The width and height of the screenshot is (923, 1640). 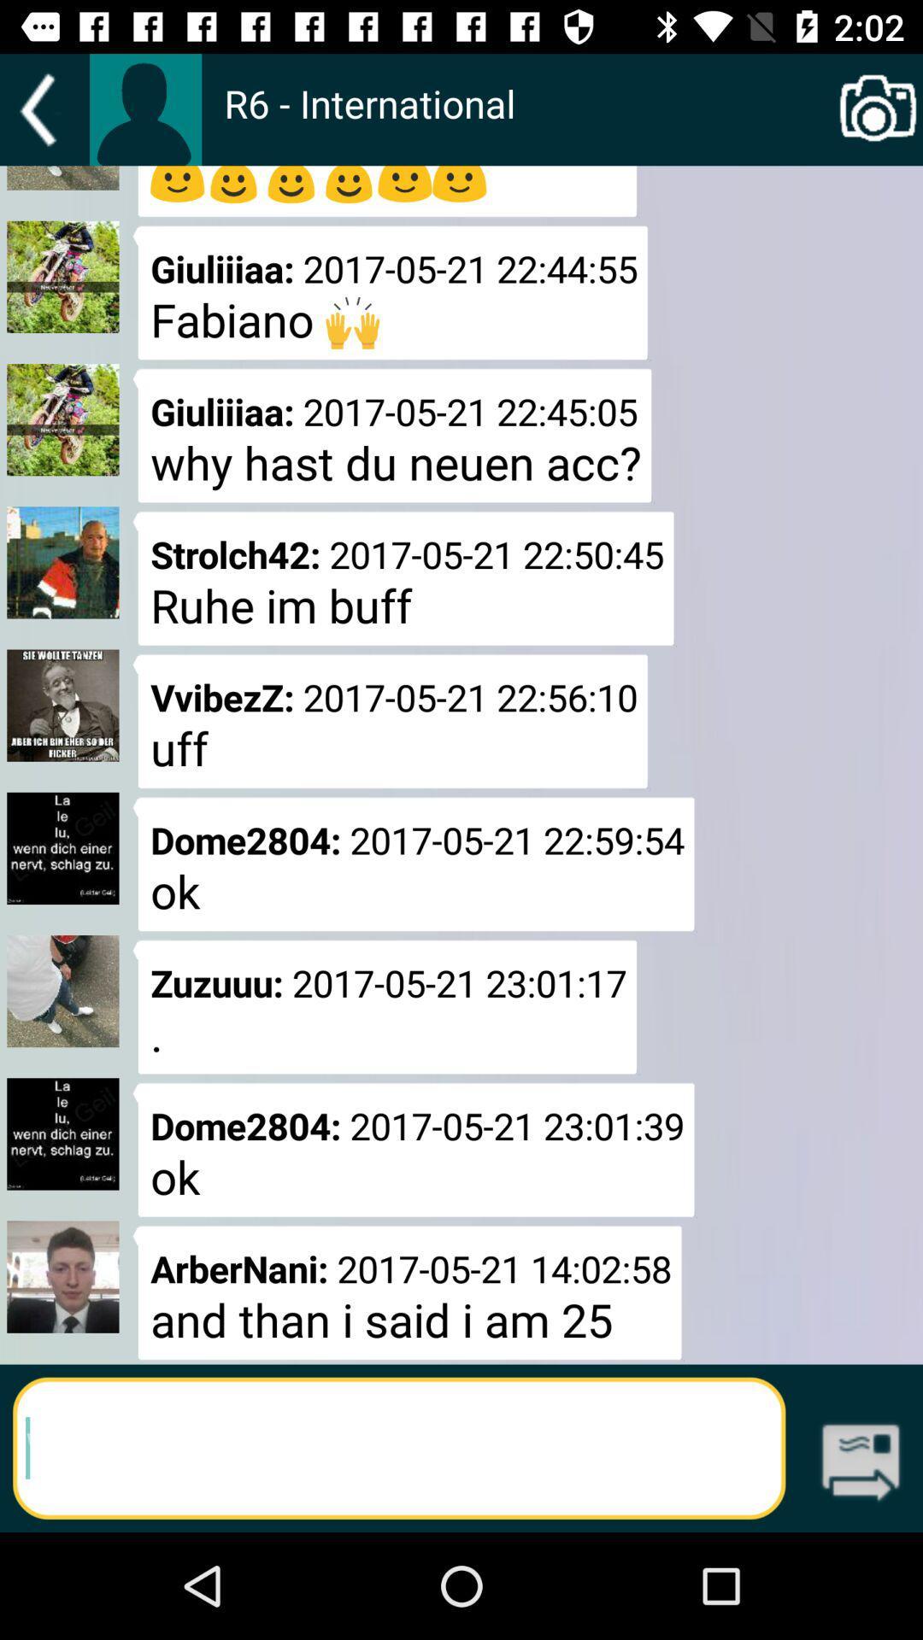 I want to click on the photo icon, so click(x=878, y=109).